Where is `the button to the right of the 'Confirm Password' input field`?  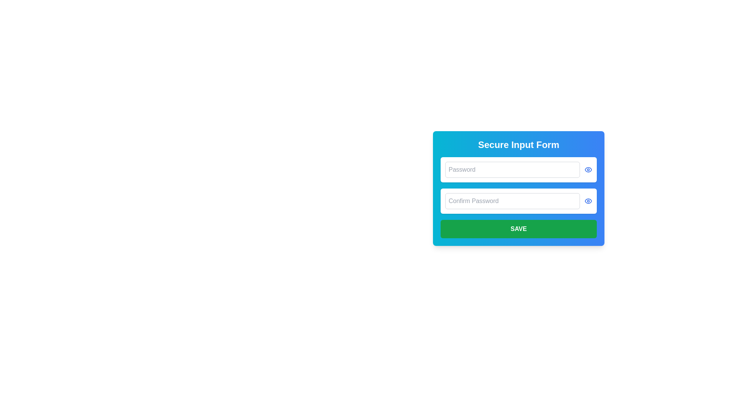 the button to the right of the 'Confirm Password' input field is located at coordinates (588, 200).